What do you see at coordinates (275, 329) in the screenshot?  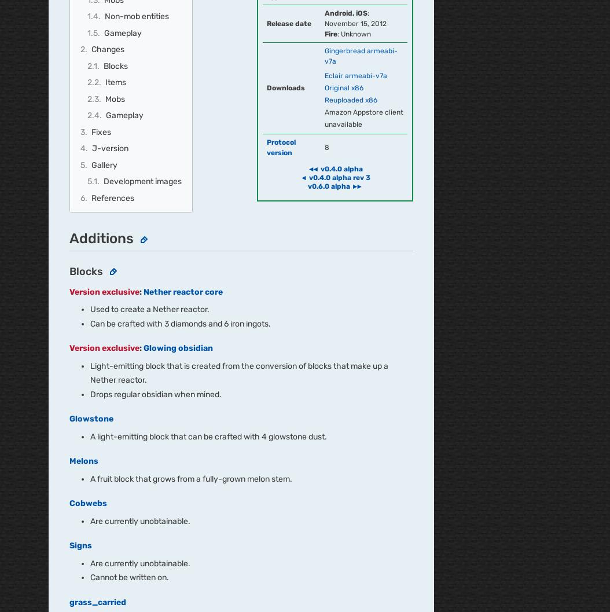 I see `'Privacy Policy'` at bounding box center [275, 329].